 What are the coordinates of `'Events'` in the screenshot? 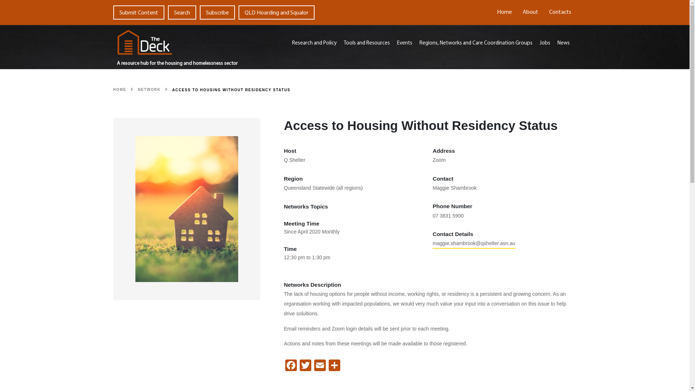 It's located at (404, 43).